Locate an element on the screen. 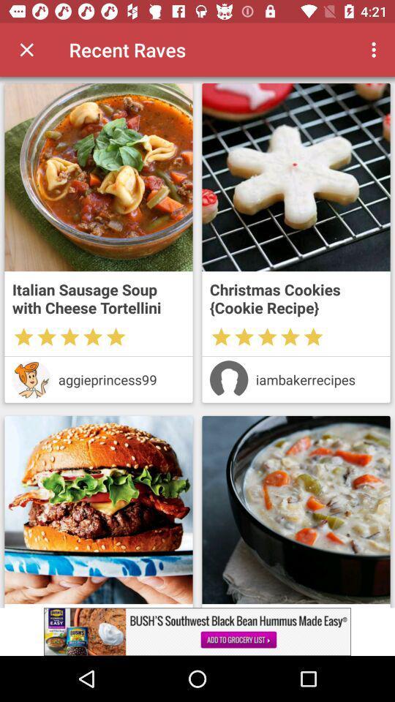 Image resolution: width=395 pixels, height=702 pixels. switch to recipe details is located at coordinates (296, 176).